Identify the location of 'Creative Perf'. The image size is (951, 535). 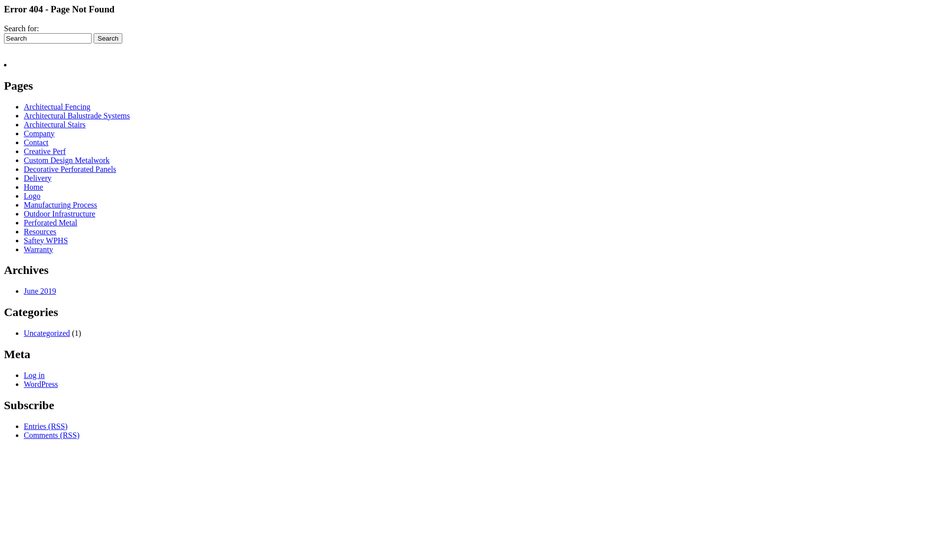
(44, 151).